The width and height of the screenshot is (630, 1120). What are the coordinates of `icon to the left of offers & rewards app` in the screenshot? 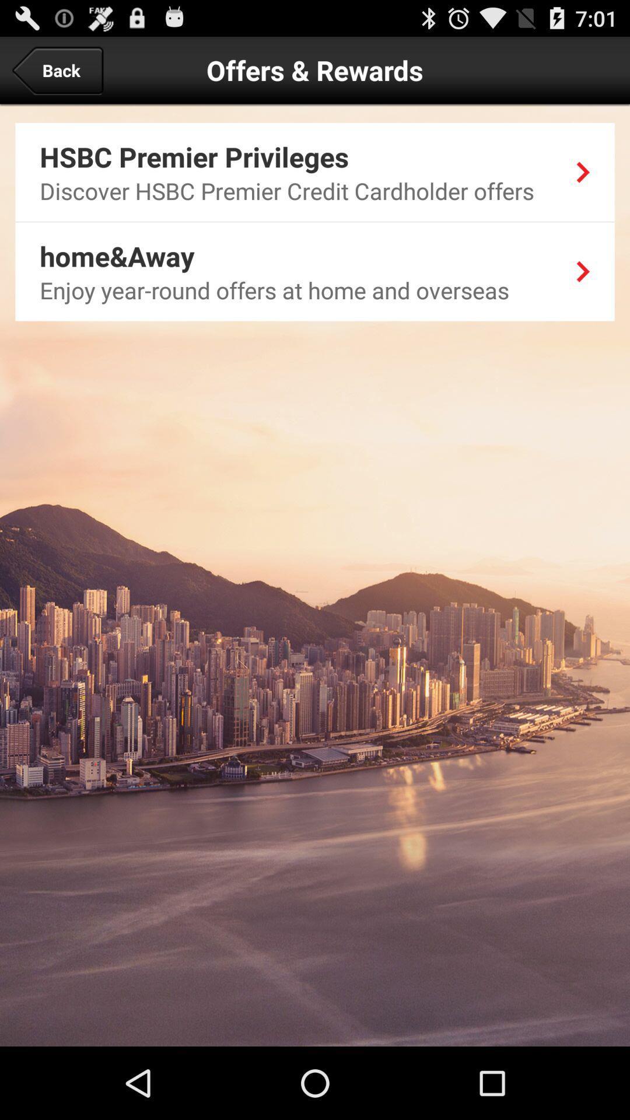 It's located at (57, 69).